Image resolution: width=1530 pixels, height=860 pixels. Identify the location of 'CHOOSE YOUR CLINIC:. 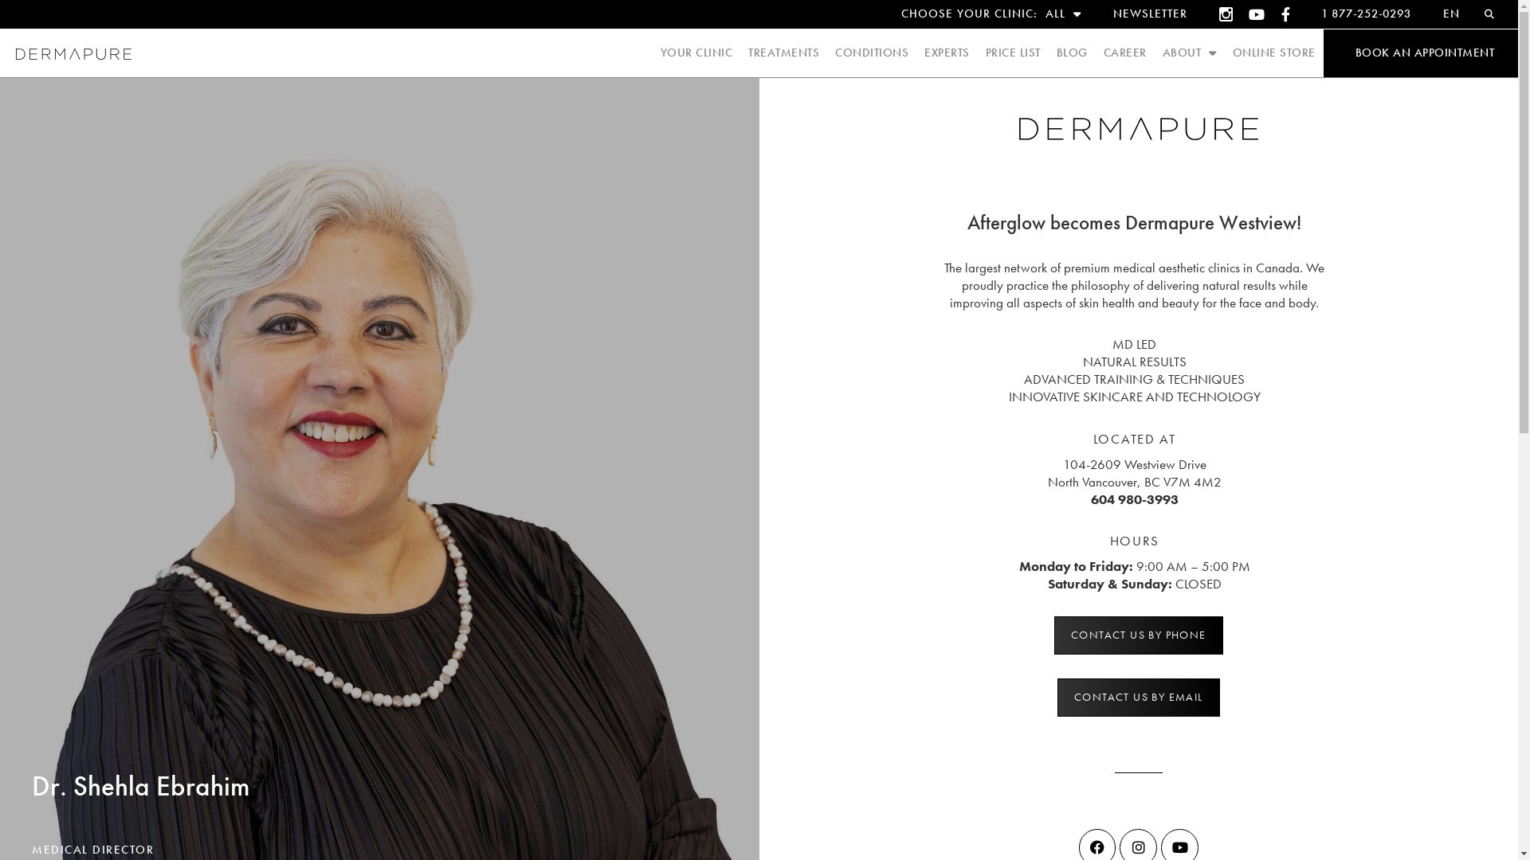
(990, 14).